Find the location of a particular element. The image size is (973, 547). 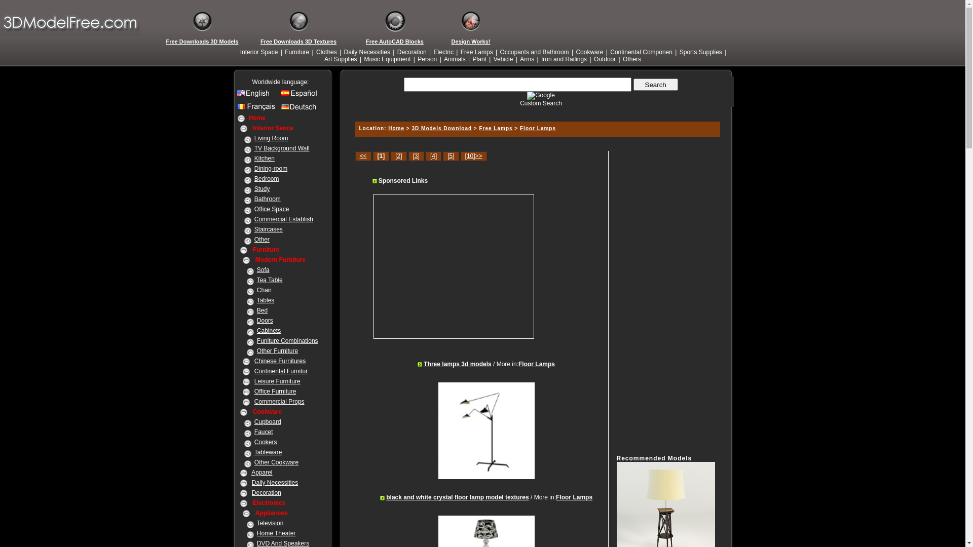

'Leisure Furniture' is located at coordinates (254, 381).